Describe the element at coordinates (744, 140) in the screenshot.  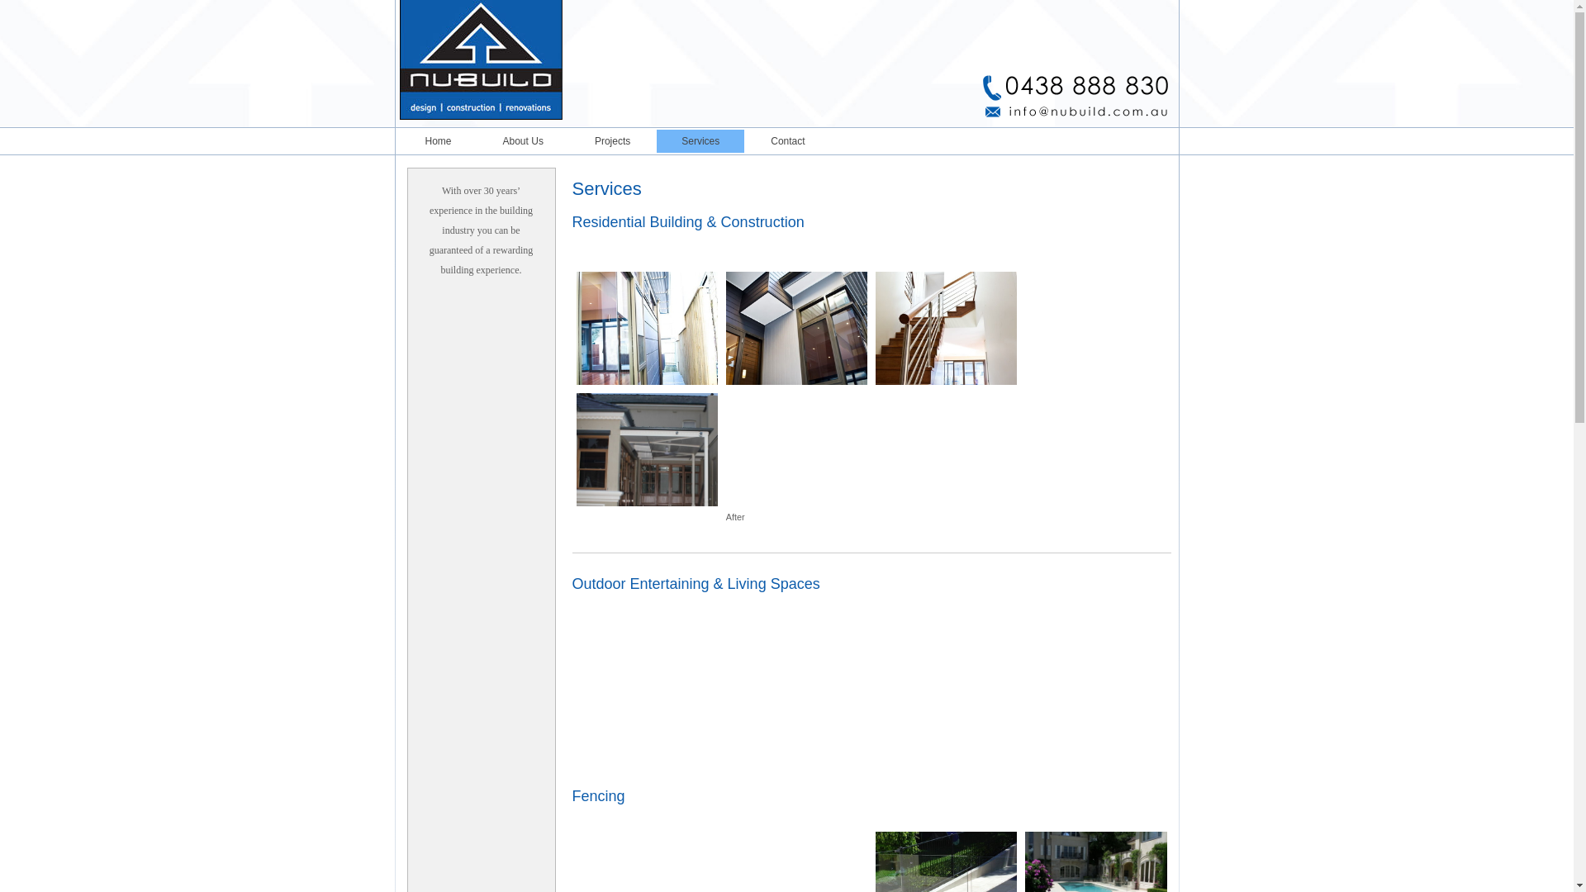
I see `'Contact'` at that location.